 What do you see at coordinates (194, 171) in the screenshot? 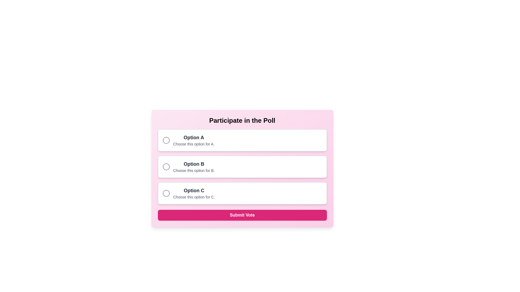
I see `additional information text located below the header 'Option B' within the card-like structure` at bounding box center [194, 171].